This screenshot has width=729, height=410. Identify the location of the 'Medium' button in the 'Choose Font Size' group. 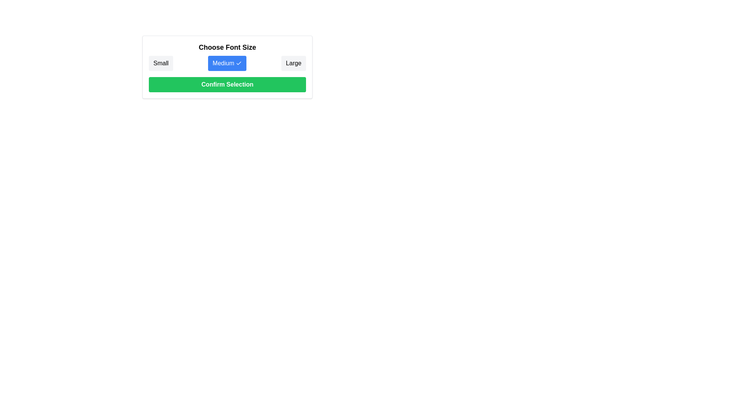
(227, 63).